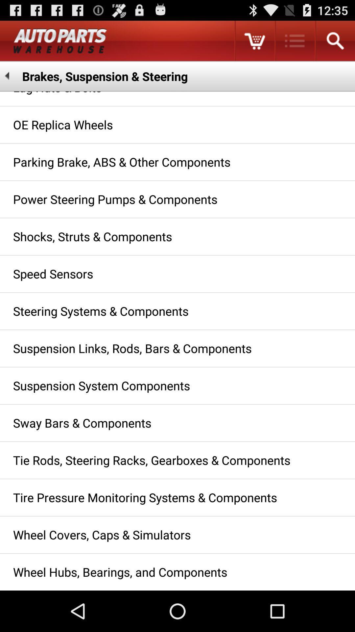 The width and height of the screenshot is (355, 632). Describe the element at coordinates (335, 43) in the screenshot. I see `the search icon` at that location.